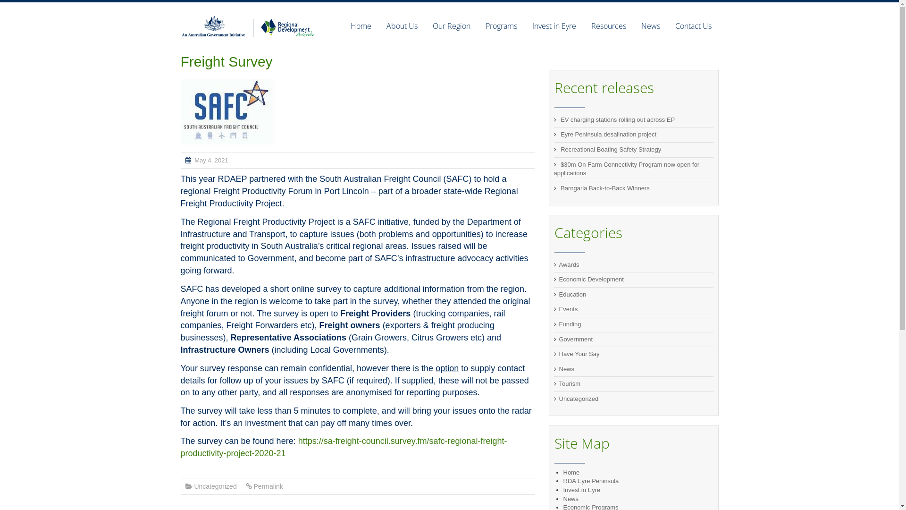 The image size is (906, 510). Describe the element at coordinates (608, 134) in the screenshot. I see `'Eyre Peninsula desalination project'` at that location.